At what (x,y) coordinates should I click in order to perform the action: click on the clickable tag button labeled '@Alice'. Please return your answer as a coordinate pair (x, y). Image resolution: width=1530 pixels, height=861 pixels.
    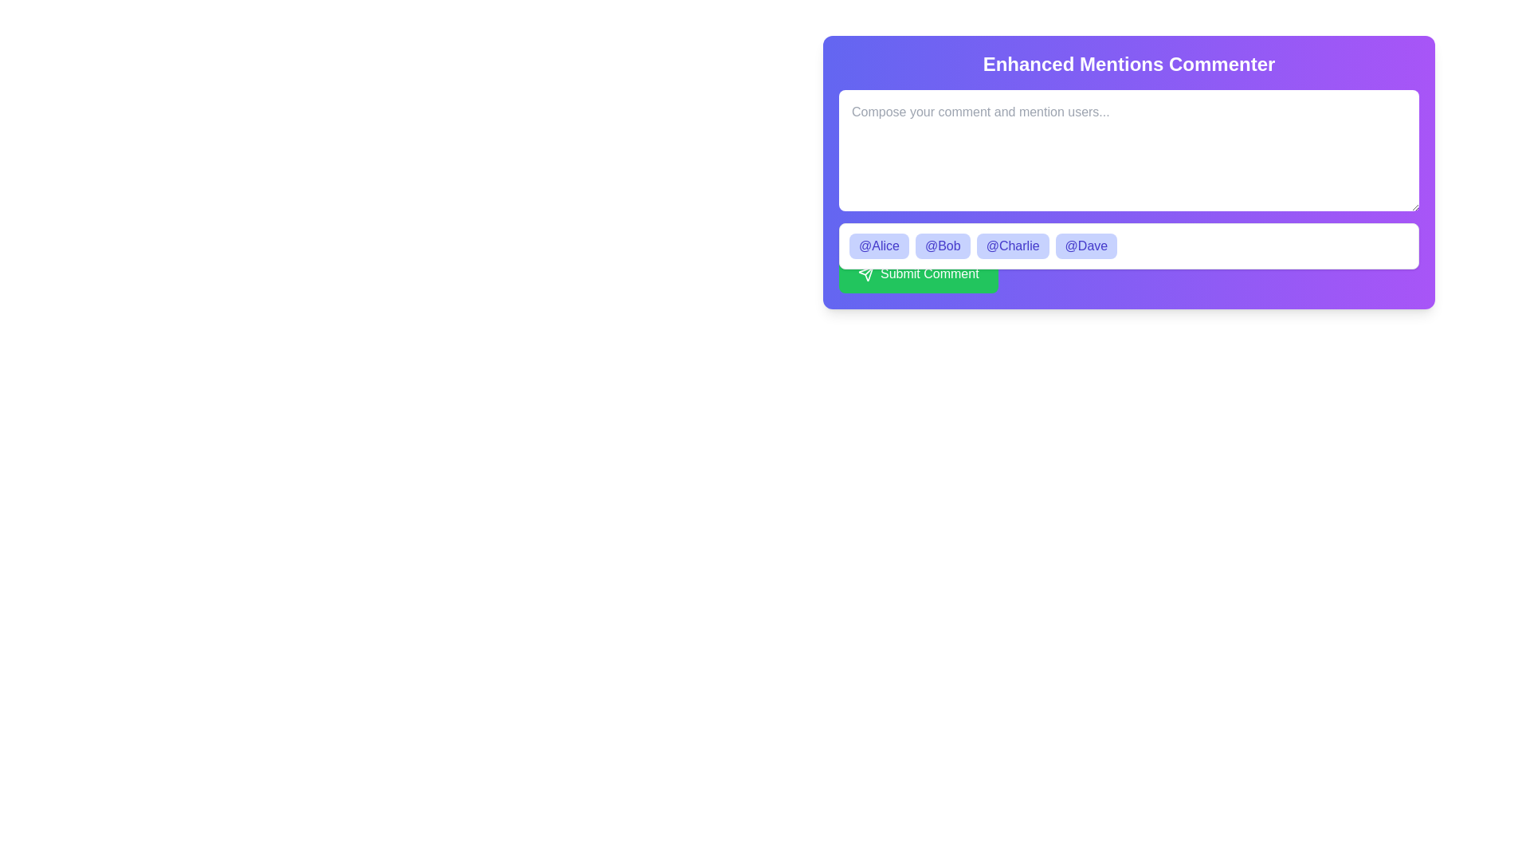
    Looking at the image, I should click on (878, 246).